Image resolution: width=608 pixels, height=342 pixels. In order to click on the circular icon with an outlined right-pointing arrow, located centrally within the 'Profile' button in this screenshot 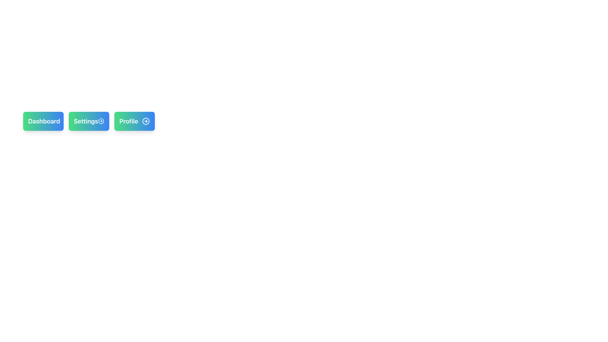, I will do `click(145, 121)`.